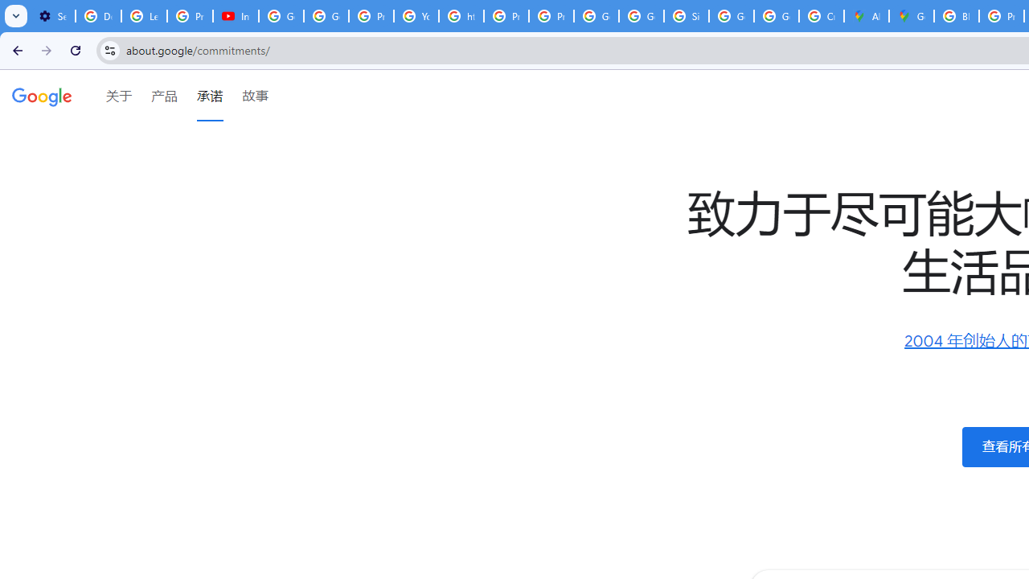 The image size is (1029, 579). Describe the element at coordinates (144, 16) in the screenshot. I see `'Learn how to find your photos - Google Photos Help'` at that location.